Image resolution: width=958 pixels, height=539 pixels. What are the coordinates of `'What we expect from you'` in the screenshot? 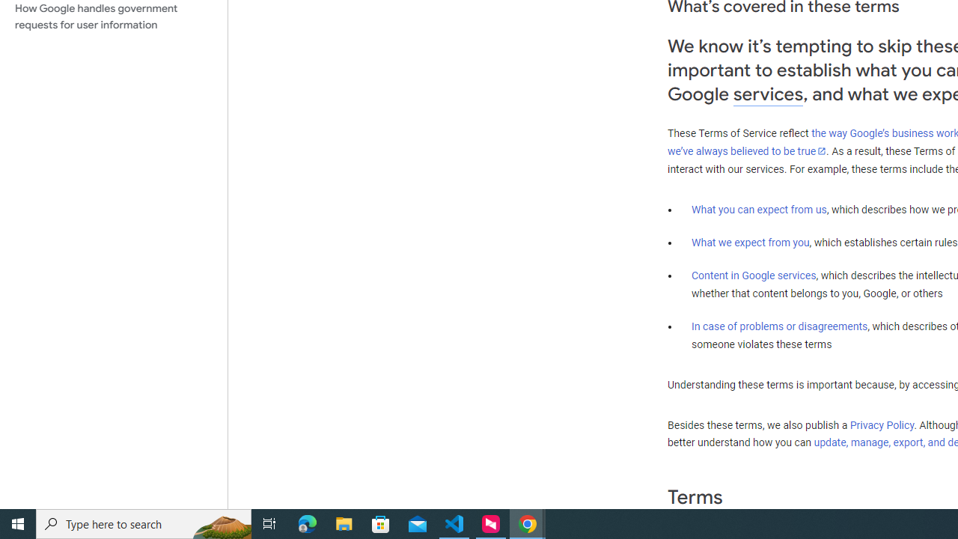 It's located at (750, 242).